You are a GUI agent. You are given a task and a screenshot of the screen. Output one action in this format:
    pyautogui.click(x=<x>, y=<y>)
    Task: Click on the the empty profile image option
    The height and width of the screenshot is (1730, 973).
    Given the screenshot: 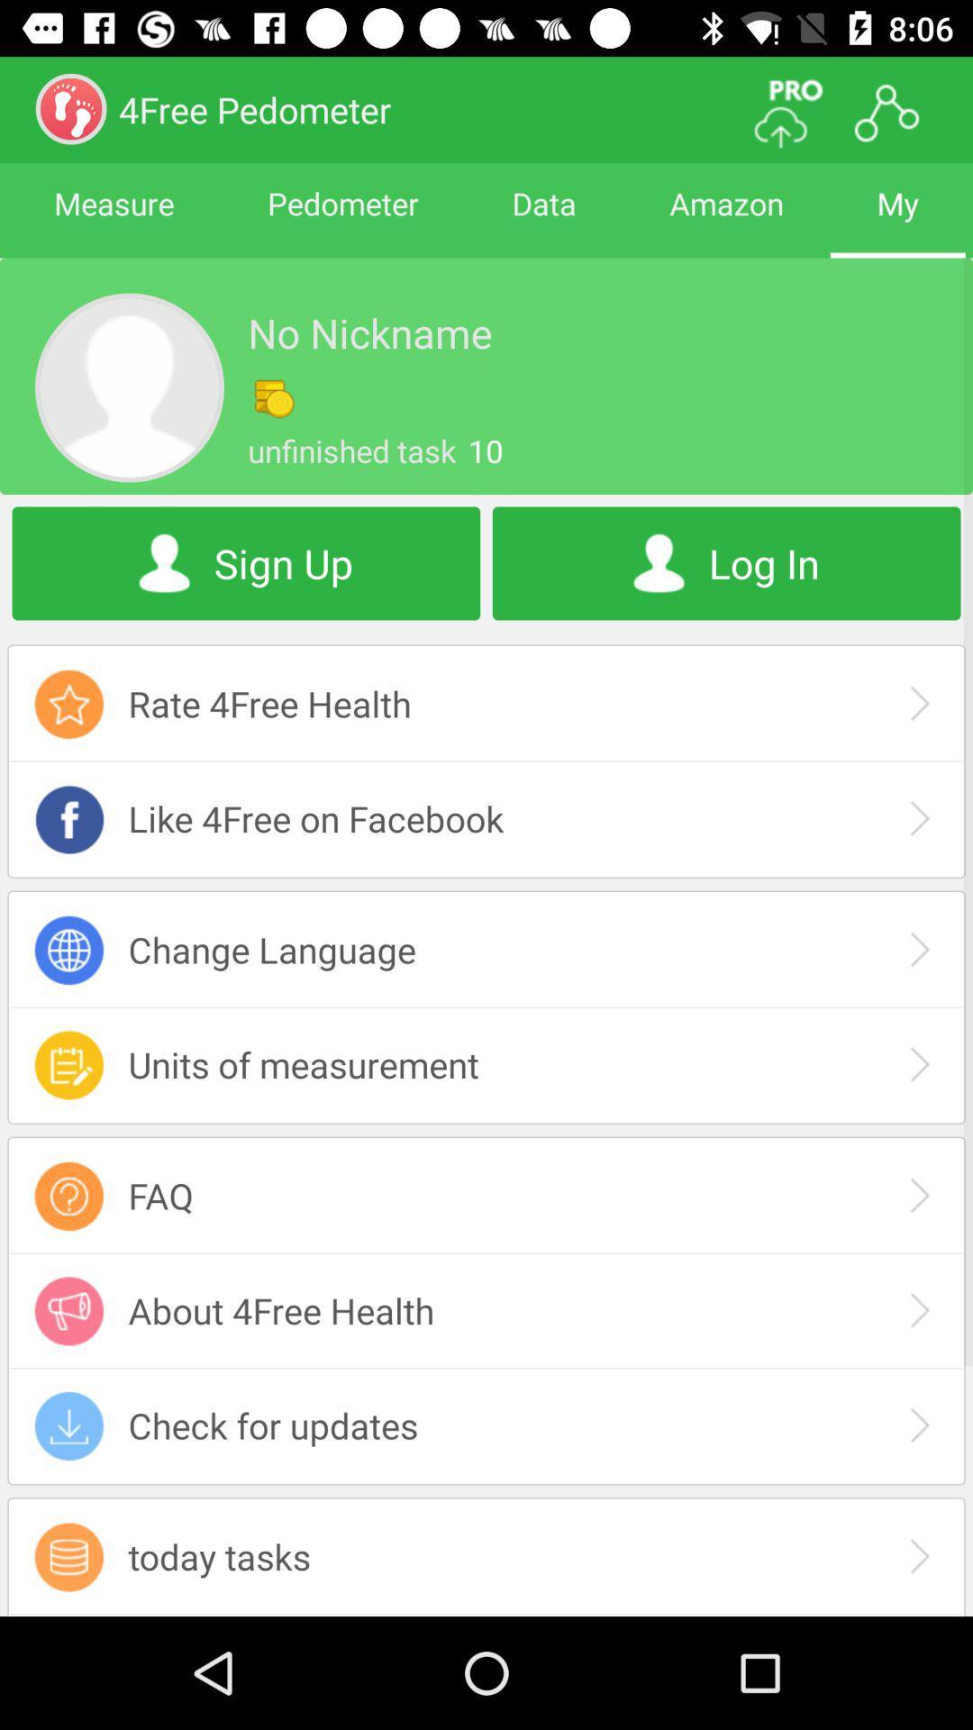 What is the action you would take?
    pyautogui.click(x=128, y=387)
    